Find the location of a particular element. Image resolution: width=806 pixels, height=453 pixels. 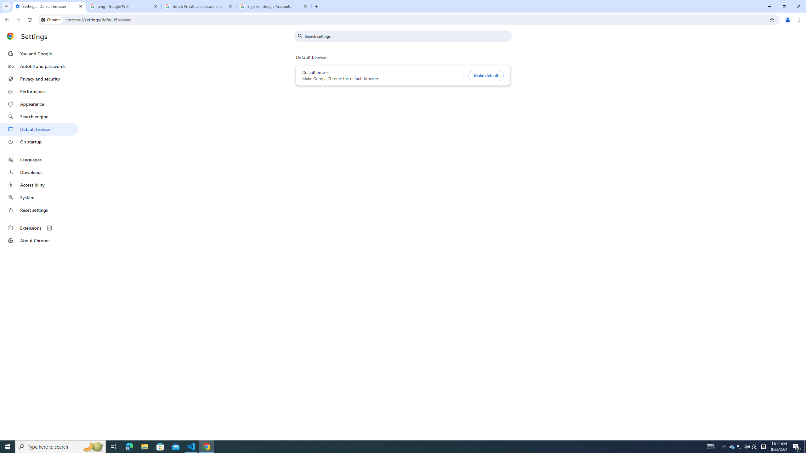

'AutomationID: menu' is located at coordinates (39, 147).